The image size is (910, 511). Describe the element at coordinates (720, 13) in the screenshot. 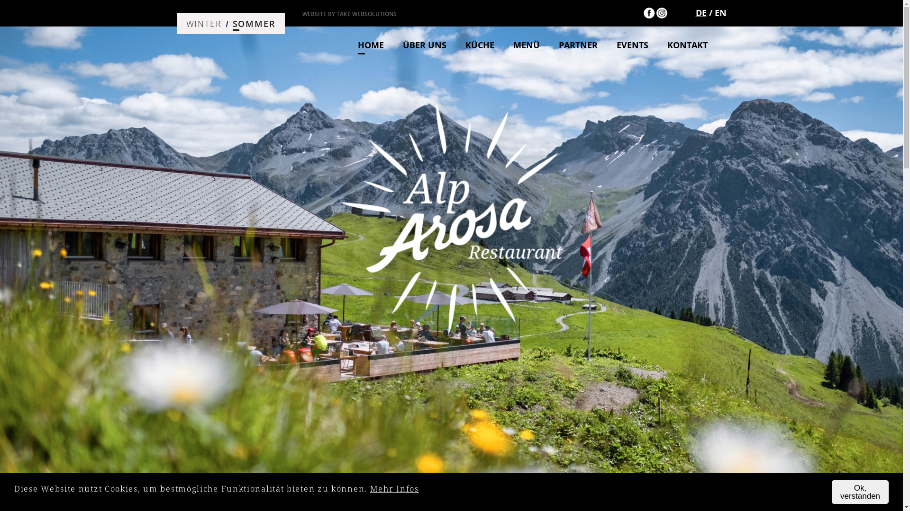

I see `'EN'` at that location.